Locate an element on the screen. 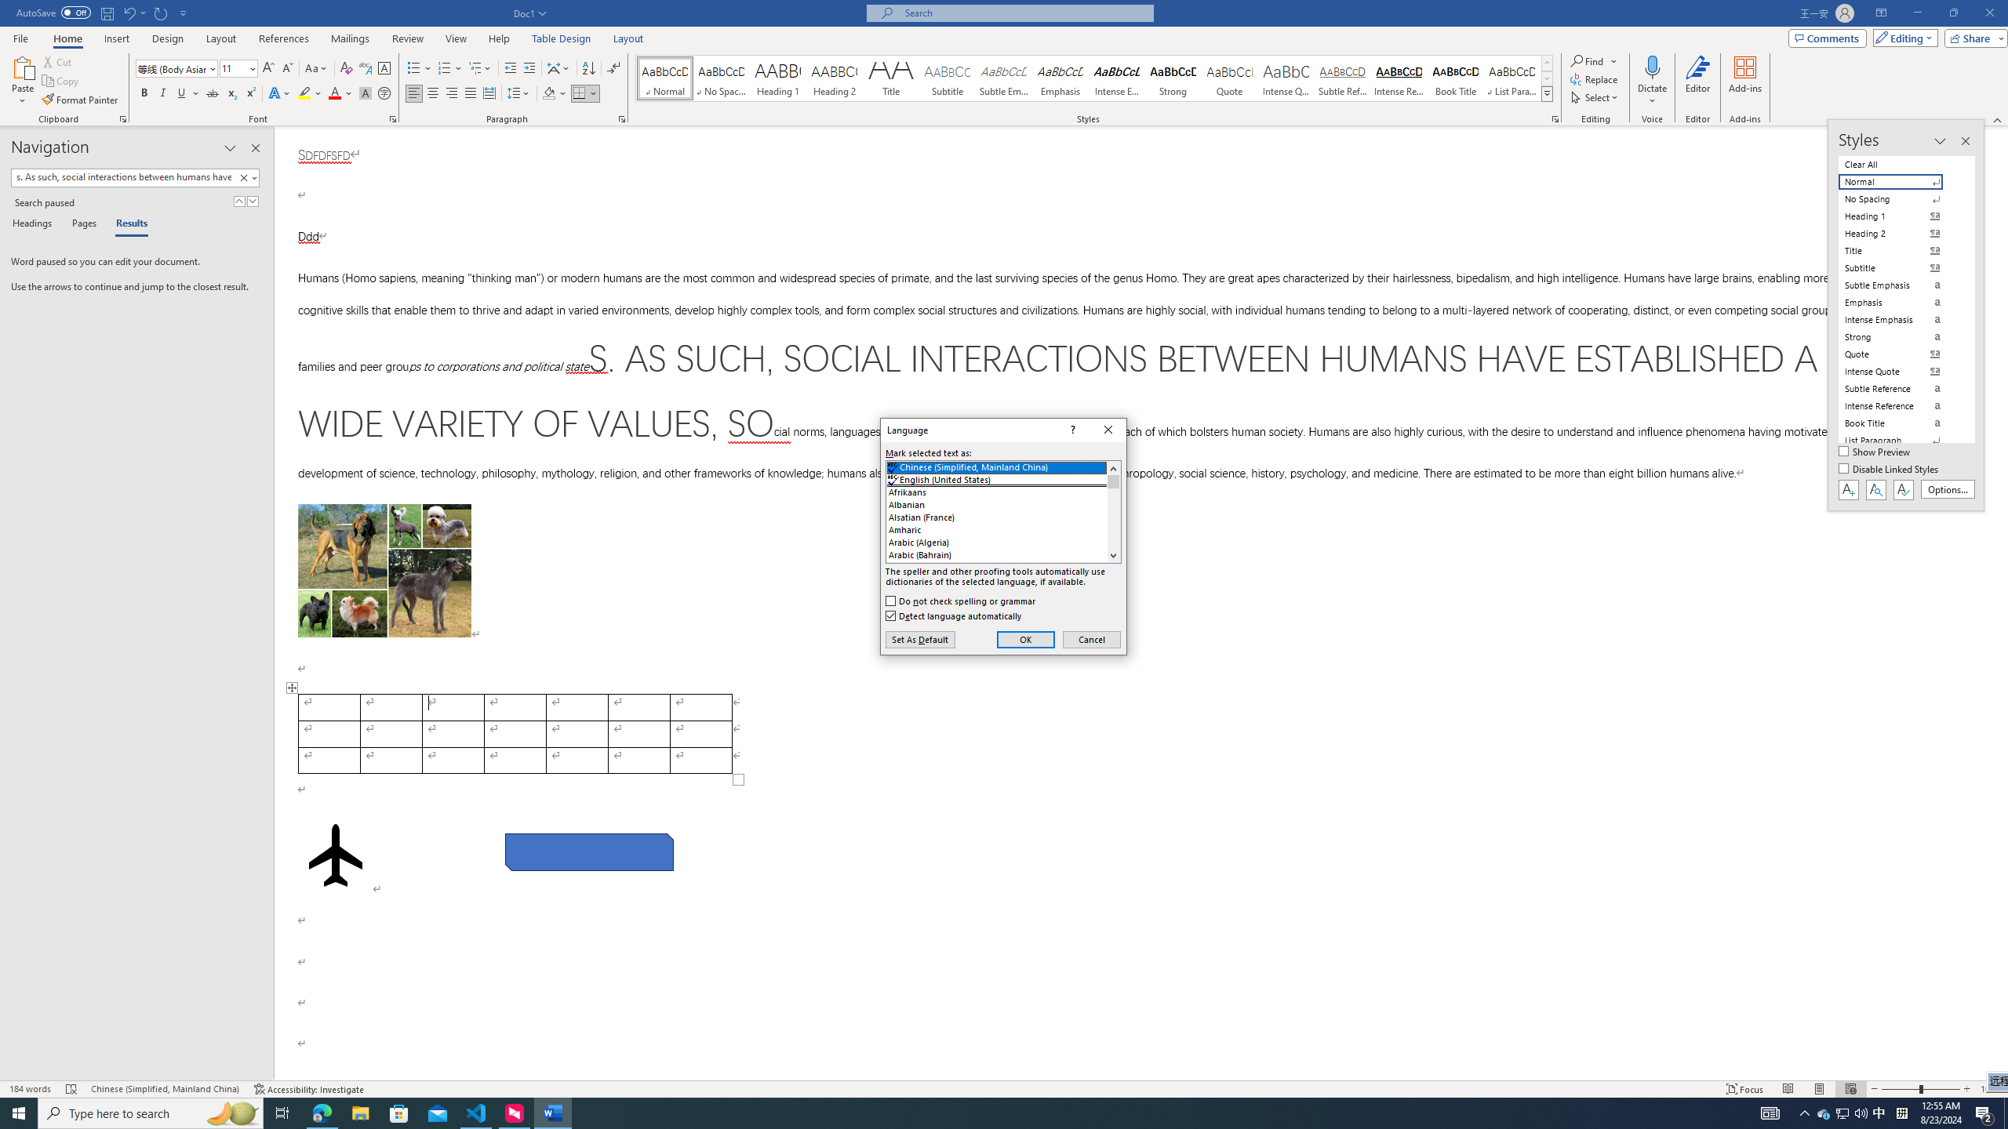 This screenshot has width=2008, height=1129. 'Clear All' is located at coordinates (1900, 163).